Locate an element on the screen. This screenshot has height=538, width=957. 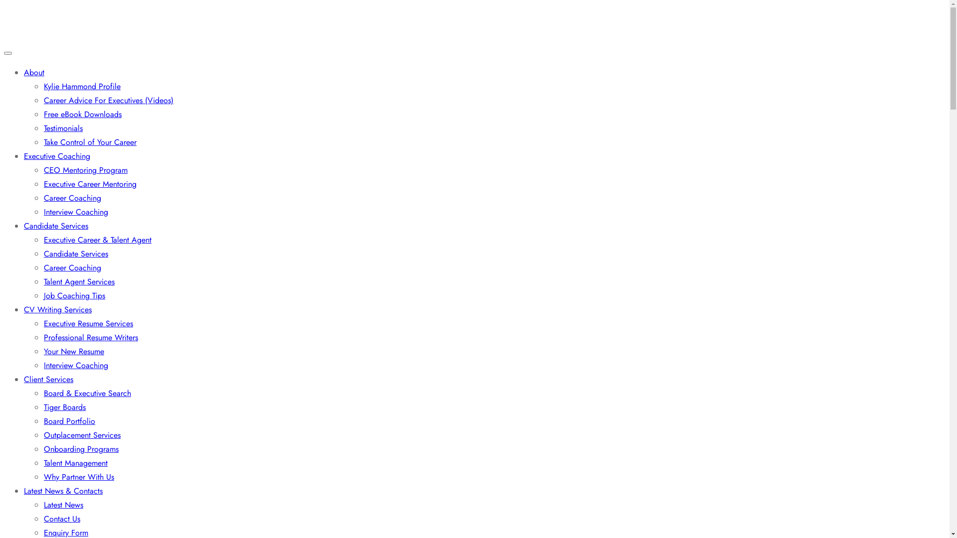
'Board & Executive Search' is located at coordinates (87, 393).